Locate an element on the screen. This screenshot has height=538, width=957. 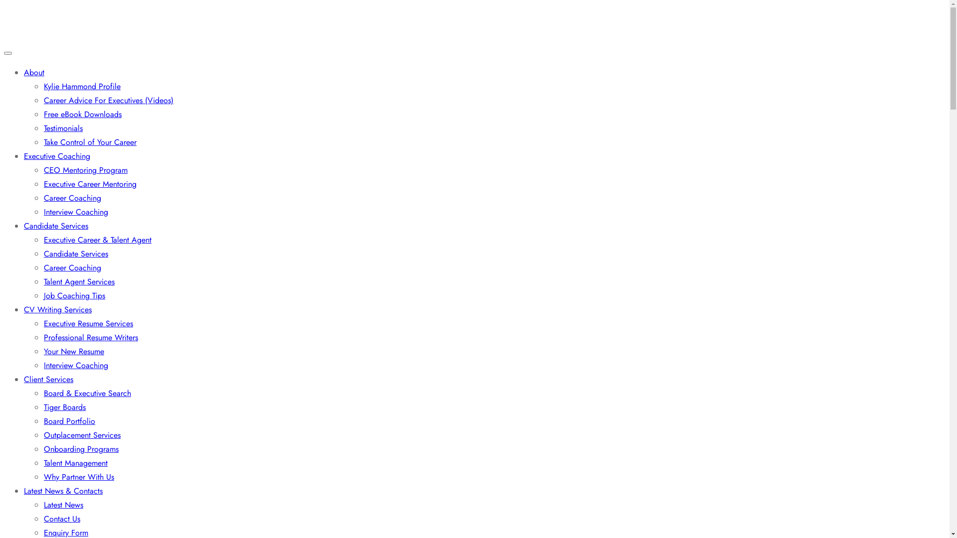
'Board & Executive Search' is located at coordinates (87, 393).